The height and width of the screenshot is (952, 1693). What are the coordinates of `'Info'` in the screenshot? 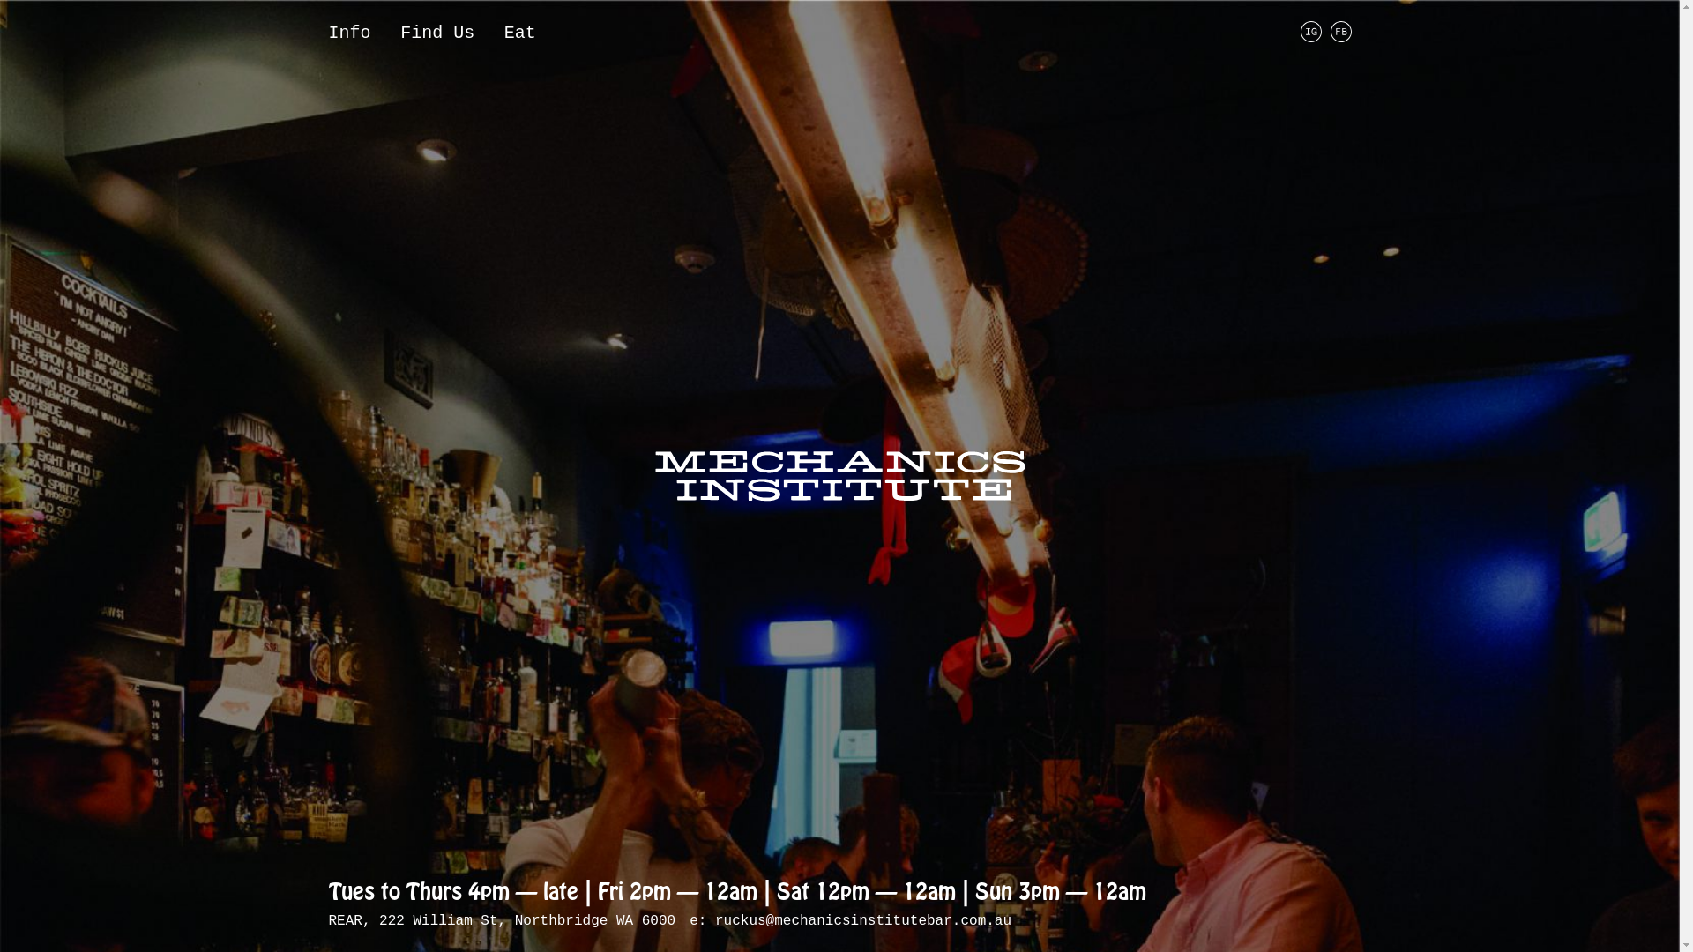 It's located at (348, 33).